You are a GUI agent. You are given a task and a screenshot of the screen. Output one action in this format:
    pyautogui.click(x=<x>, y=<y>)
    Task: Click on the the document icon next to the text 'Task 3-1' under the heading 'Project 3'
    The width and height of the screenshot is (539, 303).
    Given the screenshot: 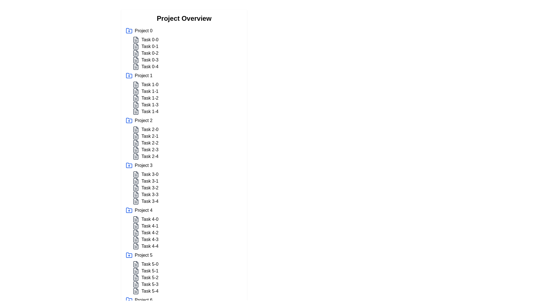 What is the action you would take?
    pyautogui.click(x=136, y=181)
    